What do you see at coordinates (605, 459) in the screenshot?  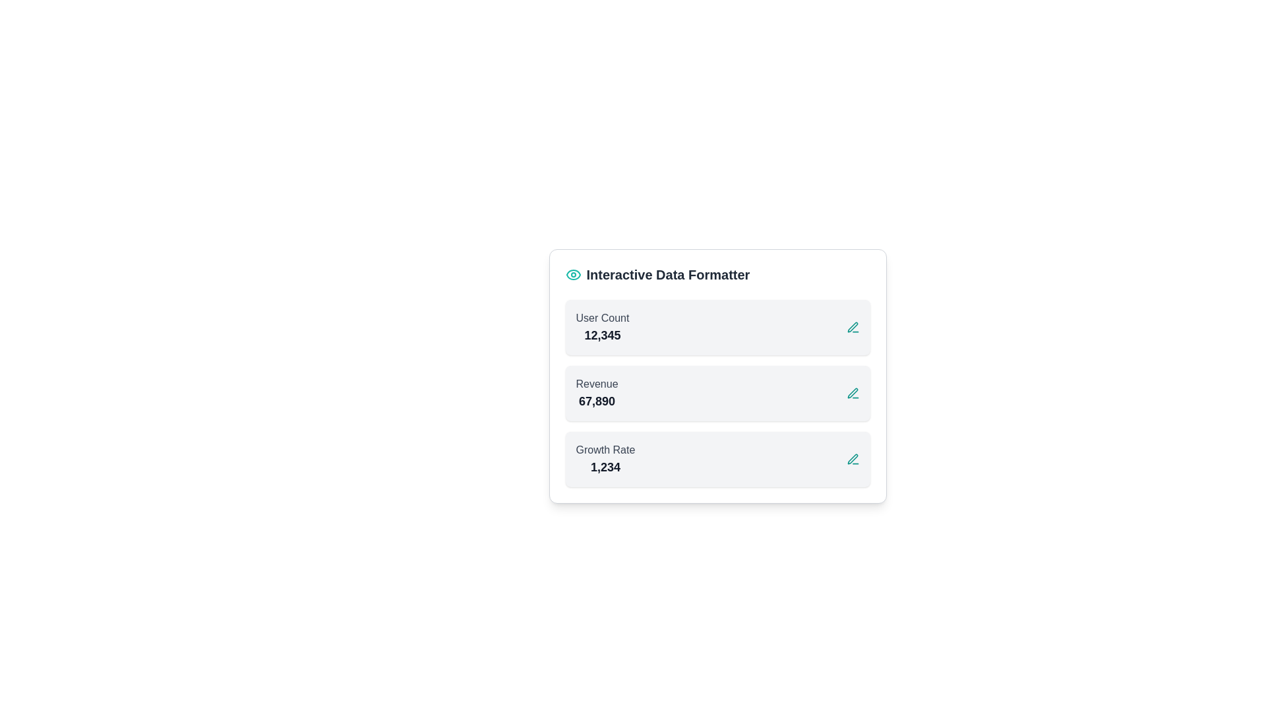 I see `the data label displaying the 'Growth Rate' value located under the 'Interactive Data Formatter' section, which is the third item in the list below 'Revenue'` at bounding box center [605, 459].